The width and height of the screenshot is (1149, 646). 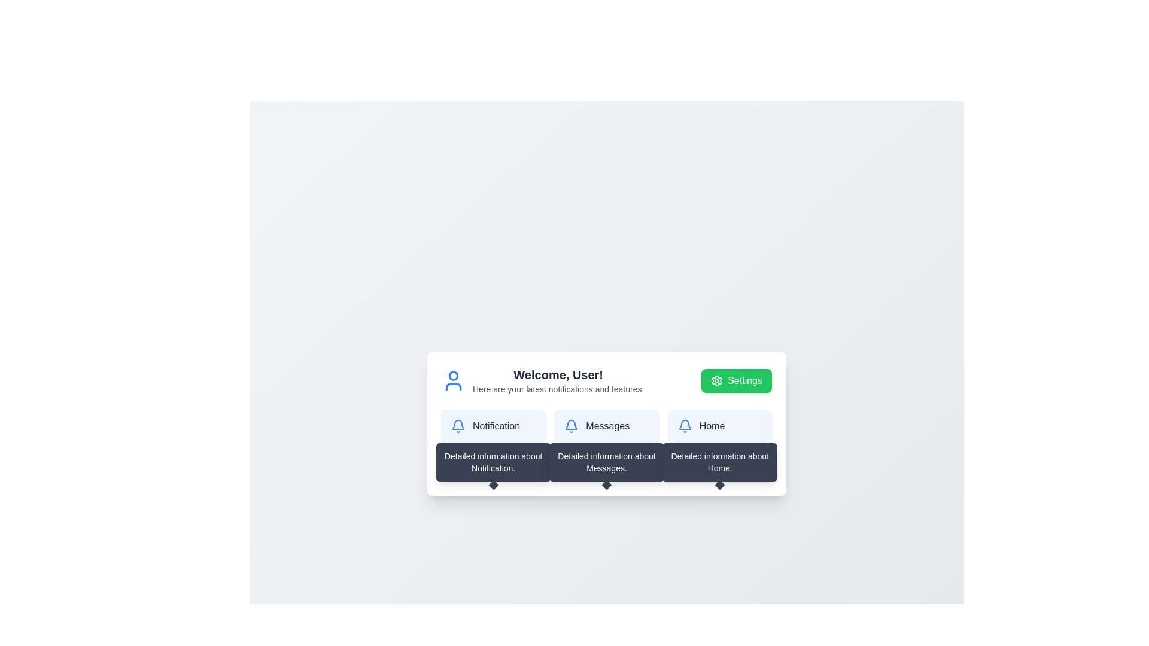 I want to click on the middle button, so click(x=606, y=426).